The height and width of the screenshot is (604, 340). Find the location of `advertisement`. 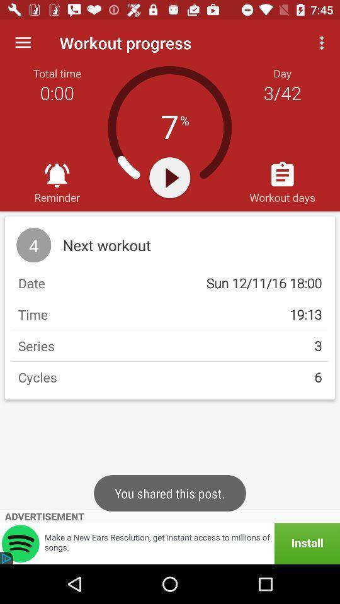

advertisement is located at coordinates (170, 543).